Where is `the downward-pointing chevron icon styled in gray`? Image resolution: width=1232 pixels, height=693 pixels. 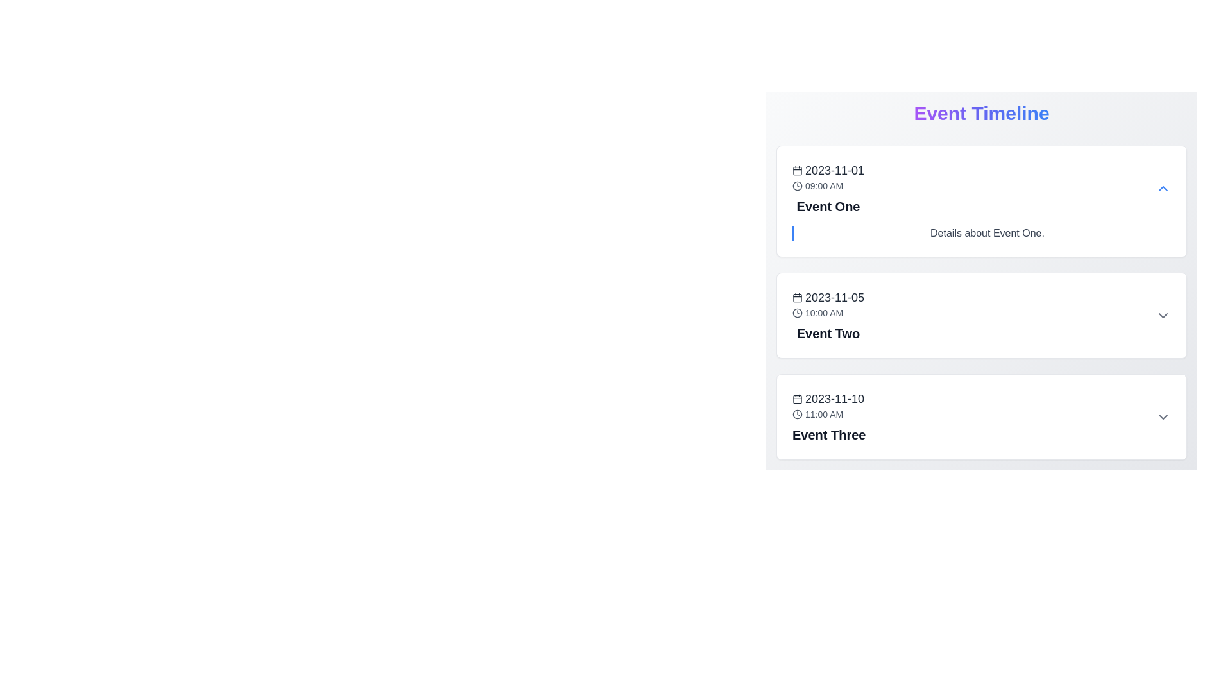 the downward-pointing chevron icon styled in gray is located at coordinates (1163, 417).